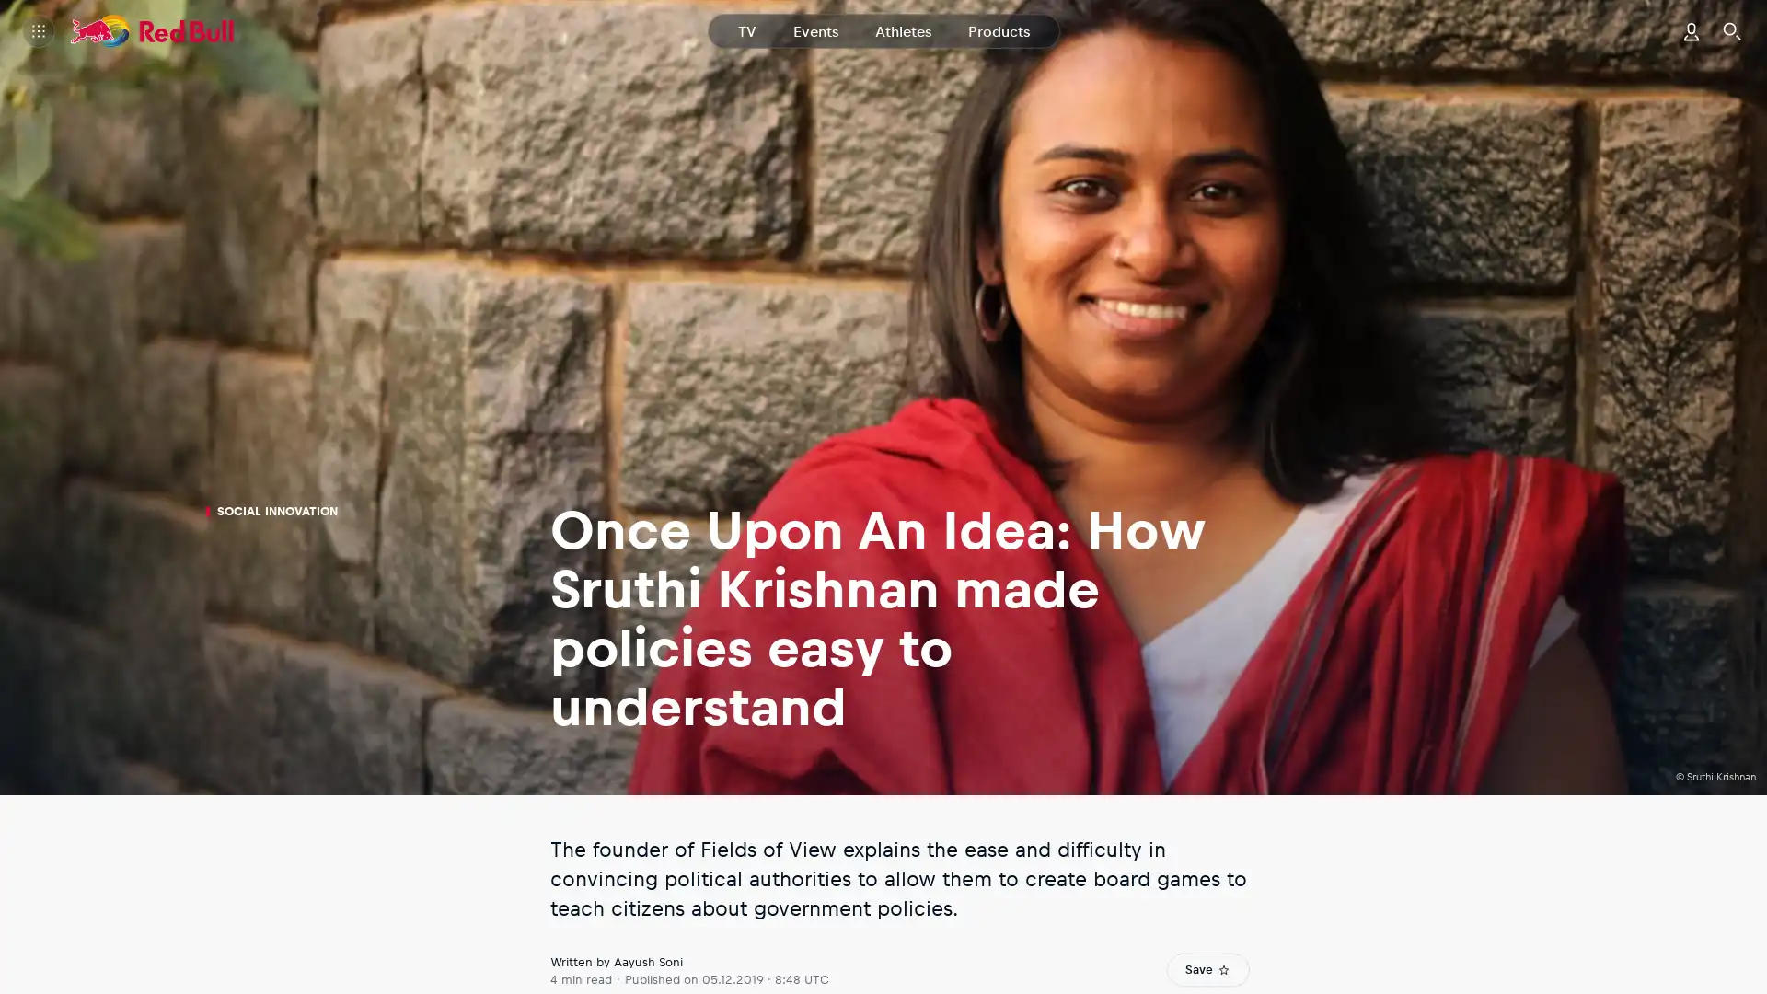 The width and height of the screenshot is (1767, 994). What do you see at coordinates (720, 307) in the screenshot?
I see `Cookies Settings` at bounding box center [720, 307].